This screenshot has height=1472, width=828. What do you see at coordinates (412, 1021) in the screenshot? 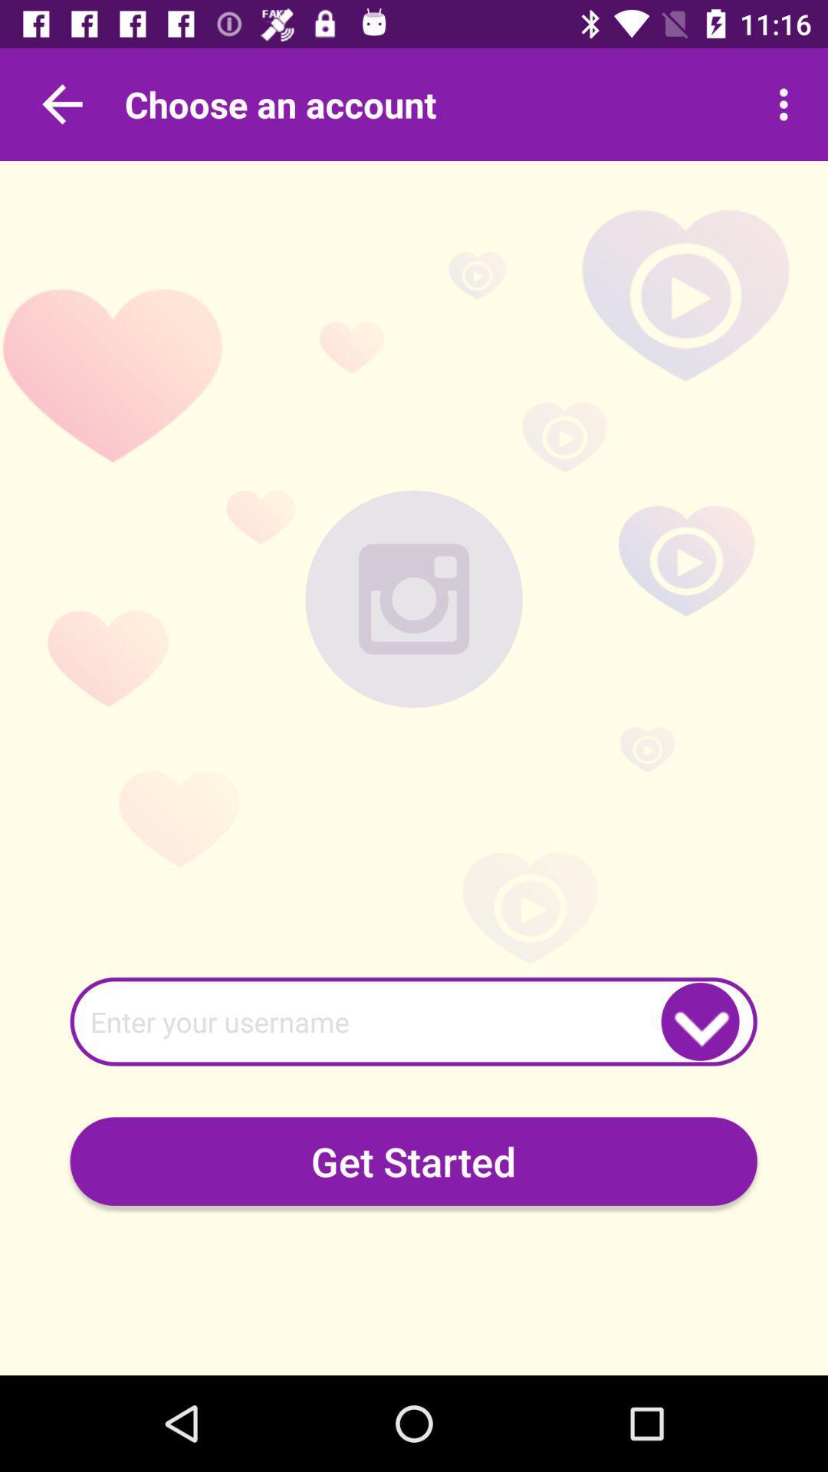
I see `username` at bounding box center [412, 1021].